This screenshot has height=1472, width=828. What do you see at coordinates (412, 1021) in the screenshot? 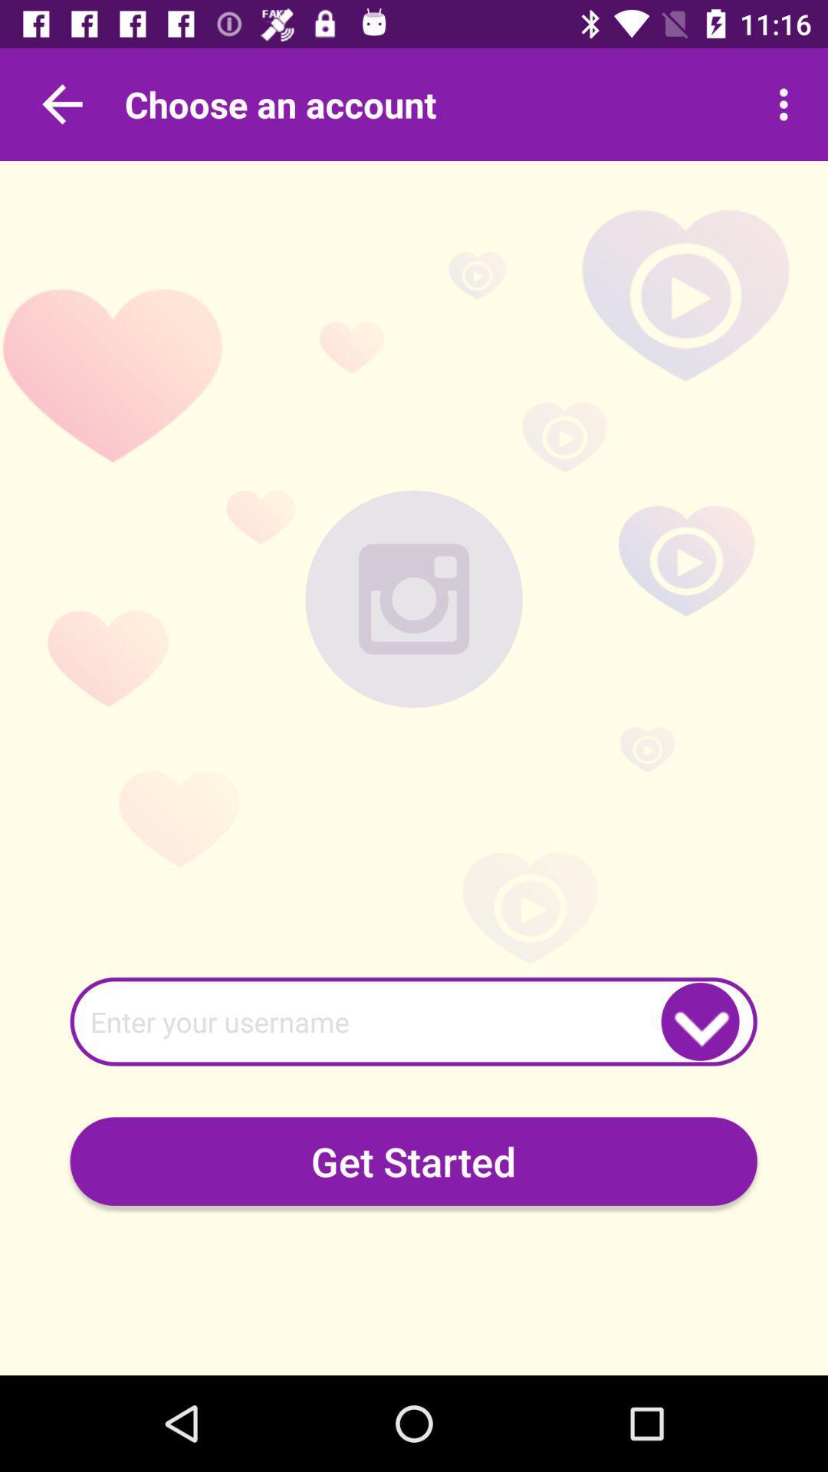
I see `username` at bounding box center [412, 1021].